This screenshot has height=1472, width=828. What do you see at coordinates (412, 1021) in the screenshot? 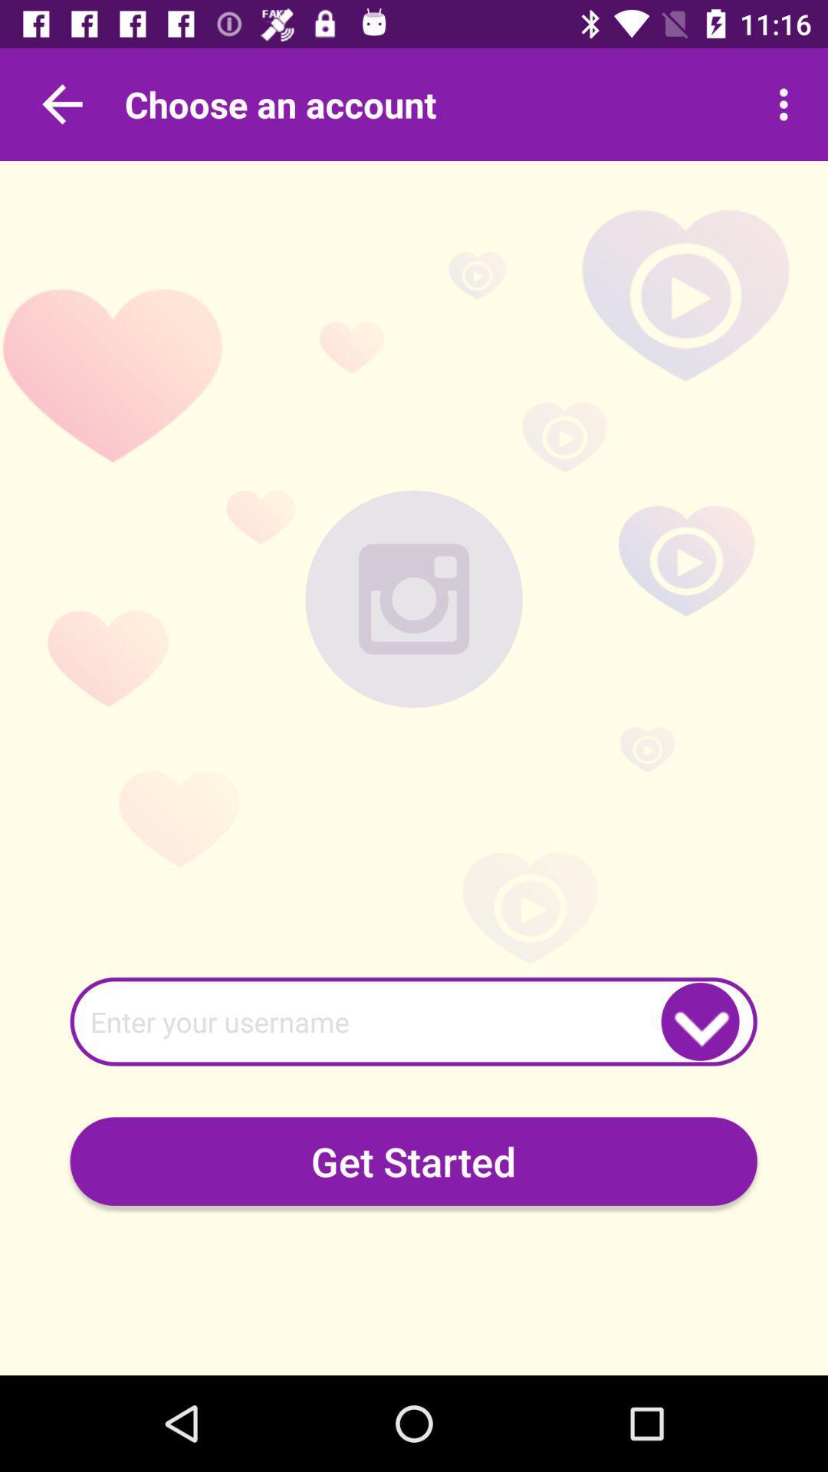
I see `username` at bounding box center [412, 1021].